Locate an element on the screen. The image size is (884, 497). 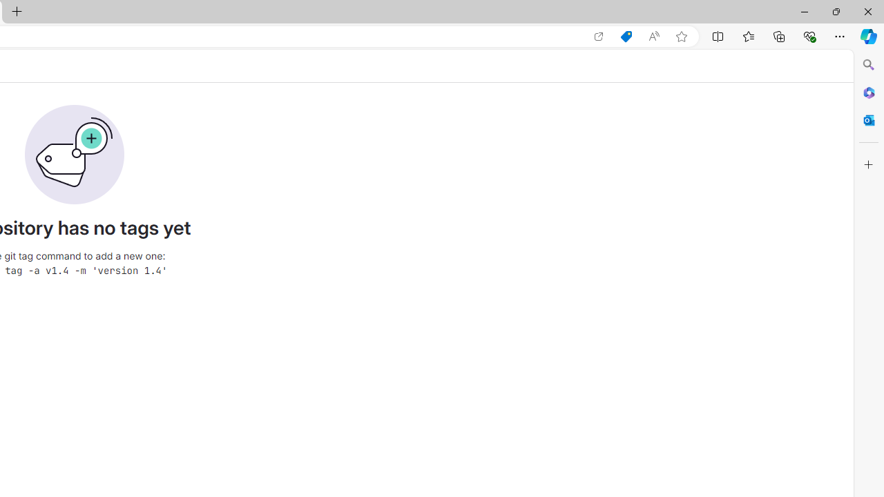
'Shopping in Microsoft Edge' is located at coordinates (625, 36).